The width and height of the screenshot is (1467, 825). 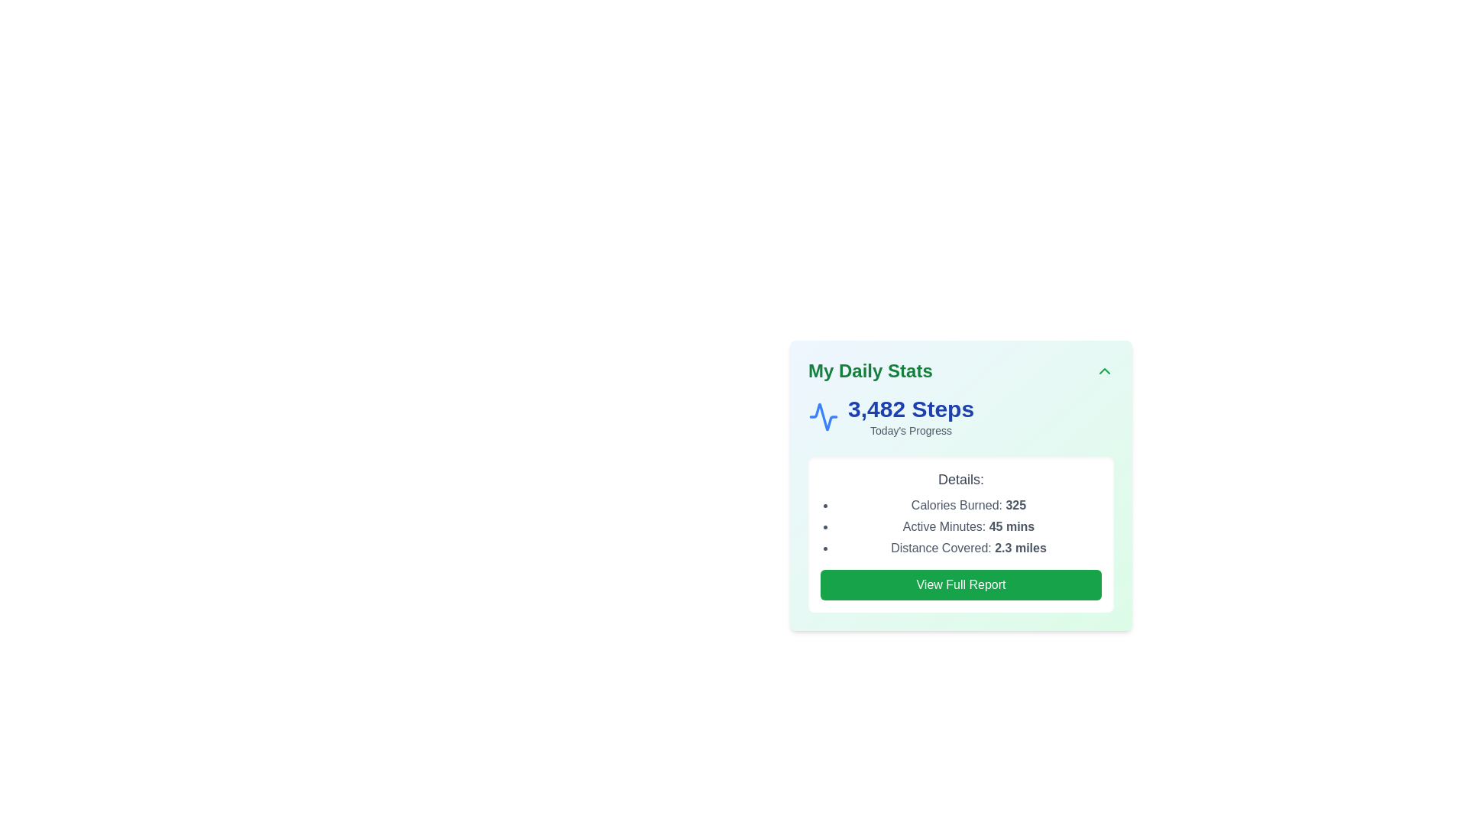 I want to click on detailed health statistics displayed in the Information Panel located below the '3,482 Steps' section in the 'My Daily Stats' card, so click(x=960, y=533).